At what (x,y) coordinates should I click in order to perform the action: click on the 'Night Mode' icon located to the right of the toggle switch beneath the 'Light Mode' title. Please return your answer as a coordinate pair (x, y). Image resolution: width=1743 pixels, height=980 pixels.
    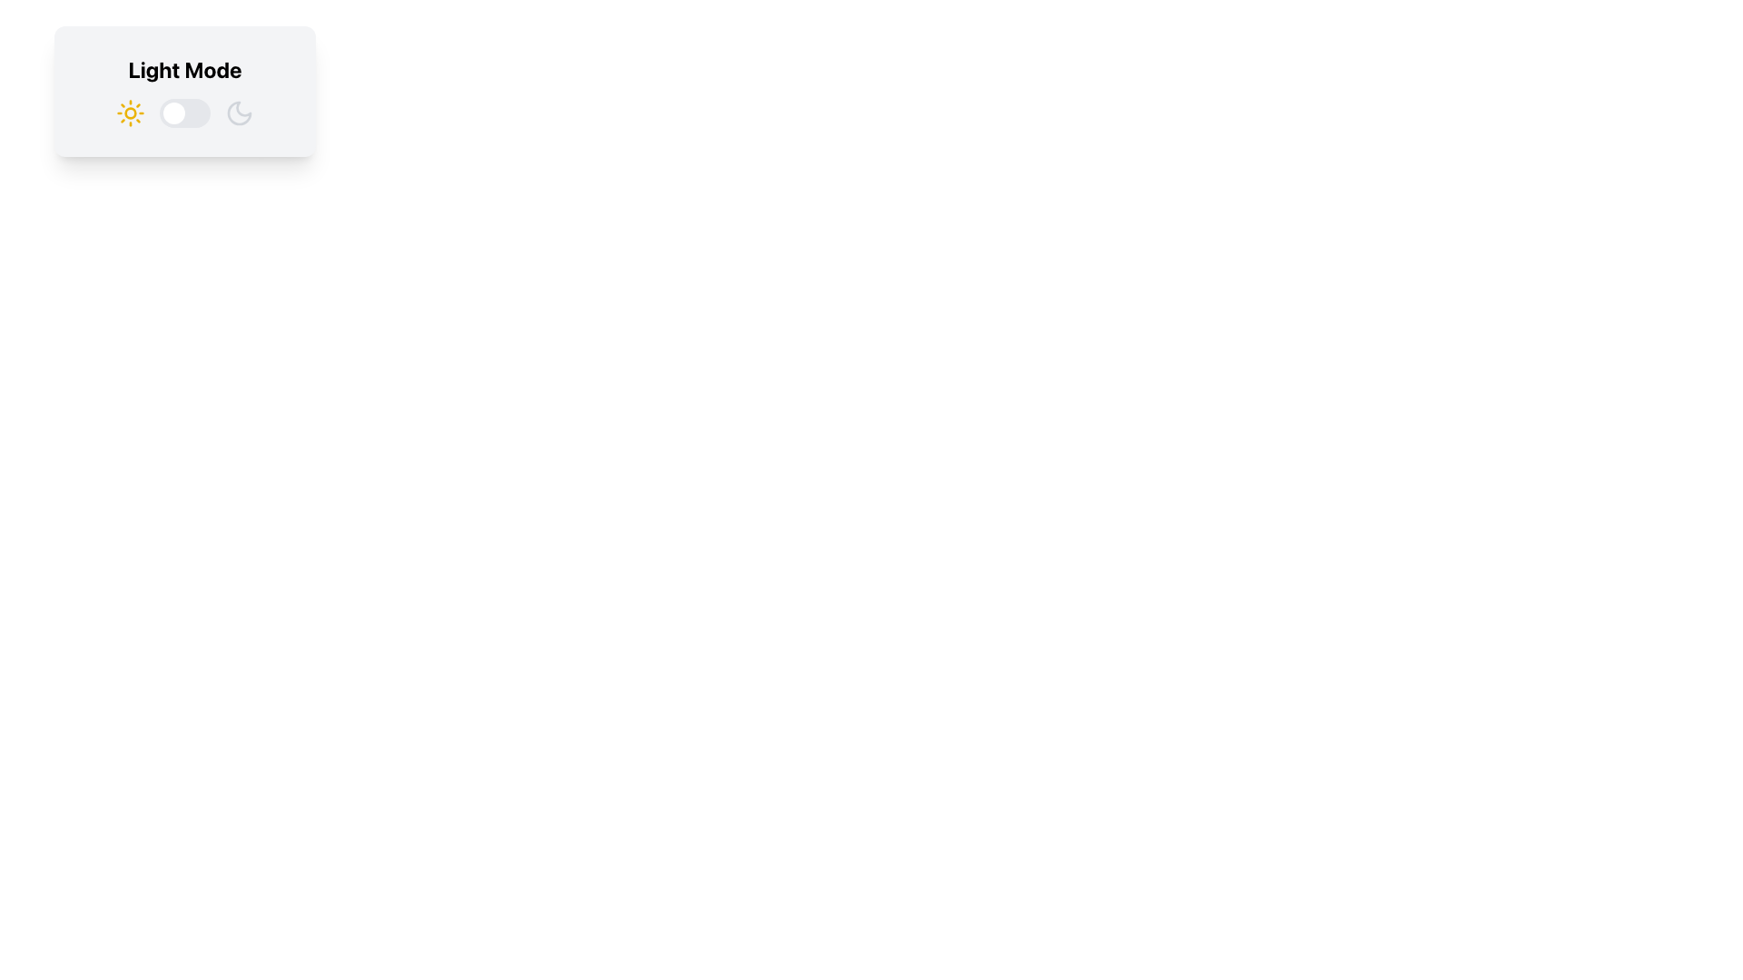
    Looking at the image, I should click on (239, 113).